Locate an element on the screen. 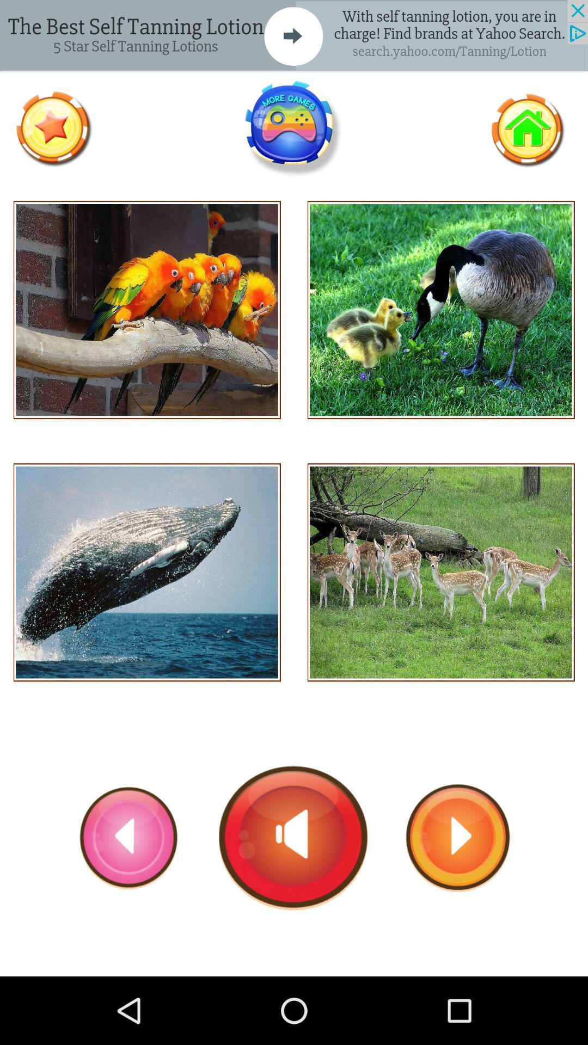 The height and width of the screenshot is (1045, 588). enlarge selected picture is located at coordinates (147, 571).